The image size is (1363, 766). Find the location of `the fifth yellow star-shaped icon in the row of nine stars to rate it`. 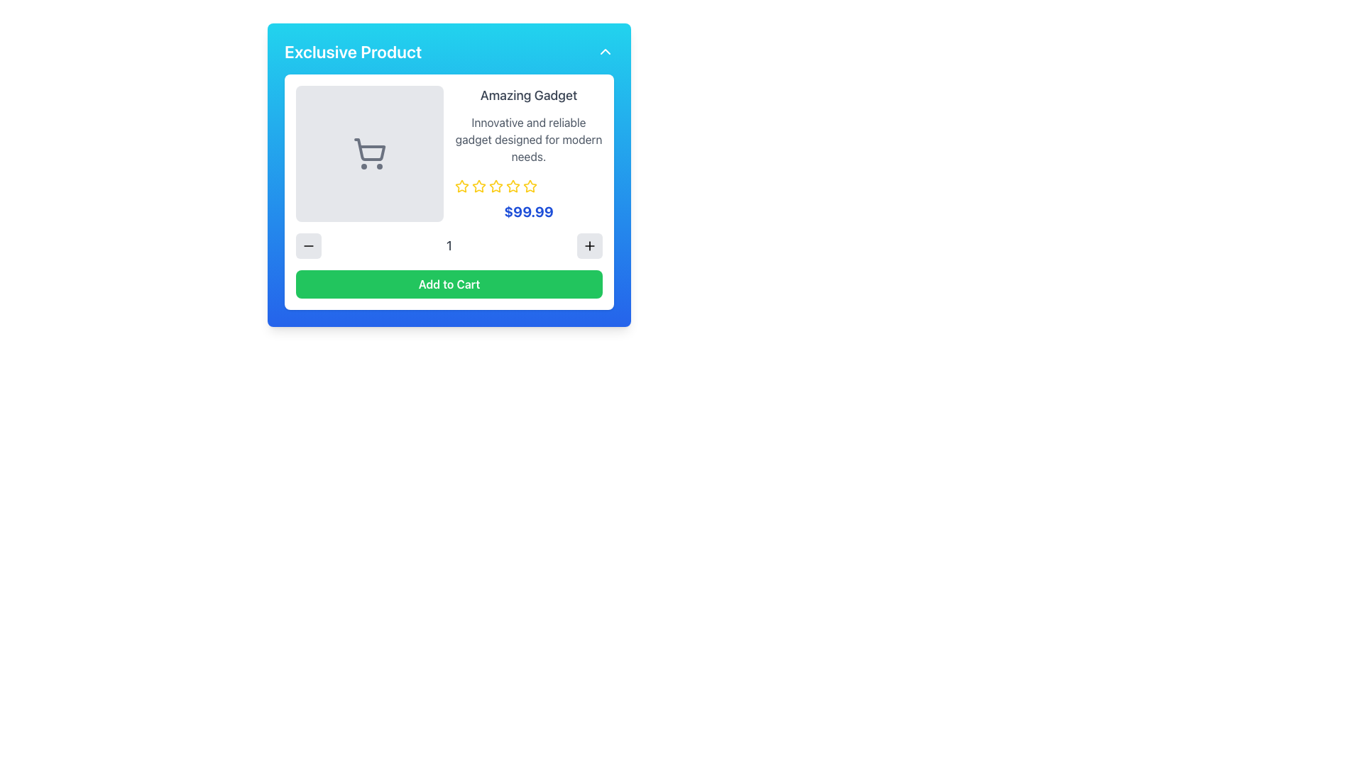

the fifth yellow star-shaped icon in the row of nine stars to rate it is located at coordinates (496, 185).